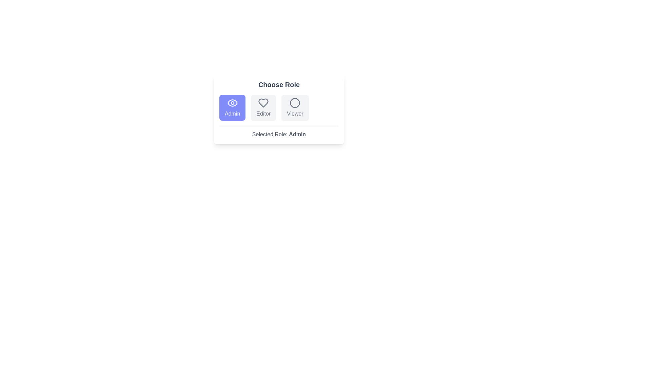 The height and width of the screenshot is (366, 651). I want to click on the 'Admin' label element, which features white text on a blue background and is located in the bottom-center area of the button marked 'Admin', so click(232, 113).